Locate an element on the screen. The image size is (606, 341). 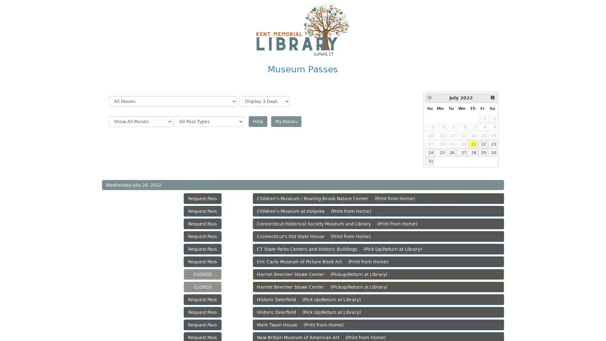
Request Pass is located at coordinates (202, 236).